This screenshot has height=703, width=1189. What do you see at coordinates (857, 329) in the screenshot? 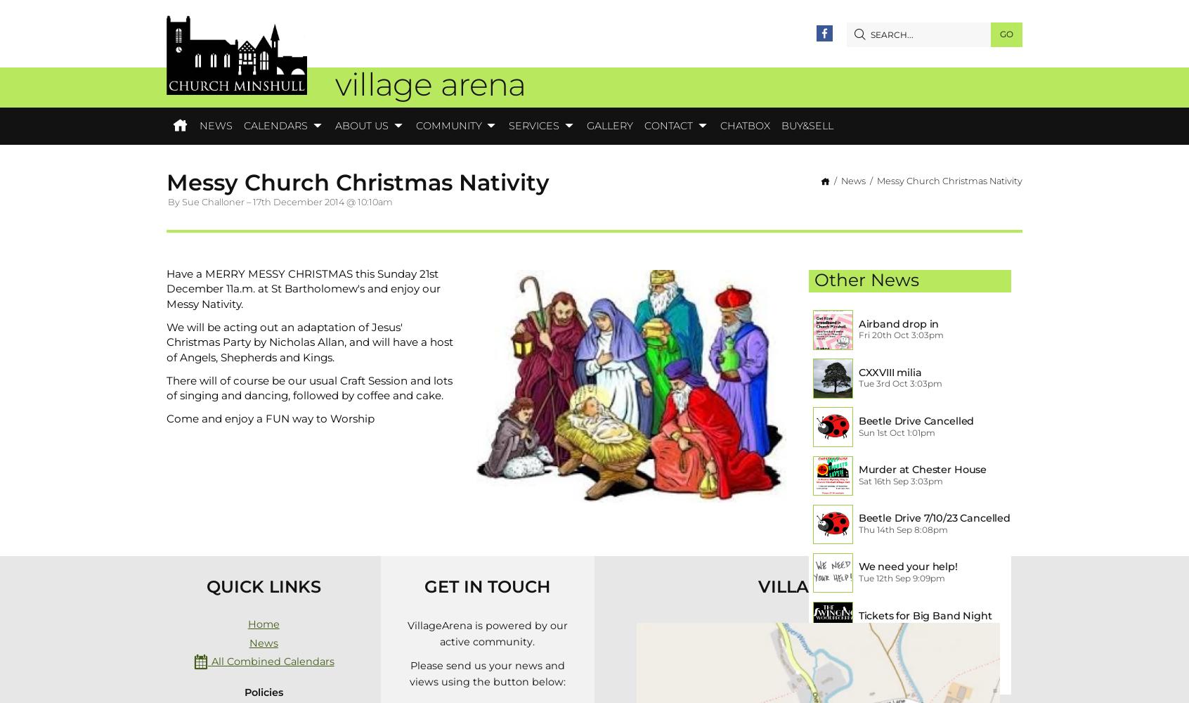
I see `'Airband drop in session 21/10/23'` at bounding box center [857, 329].